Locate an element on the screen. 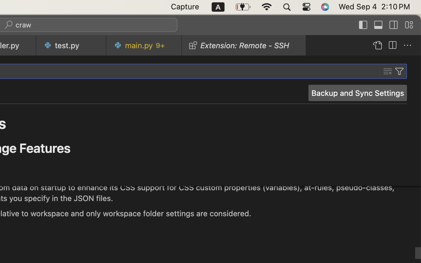  '0 main.py   9+' is located at coordinates (144, 45).